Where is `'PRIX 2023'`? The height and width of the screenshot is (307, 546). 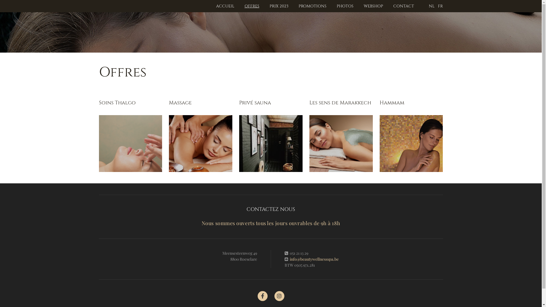
'PRIX 2023' is located at coordinates (279, 6).